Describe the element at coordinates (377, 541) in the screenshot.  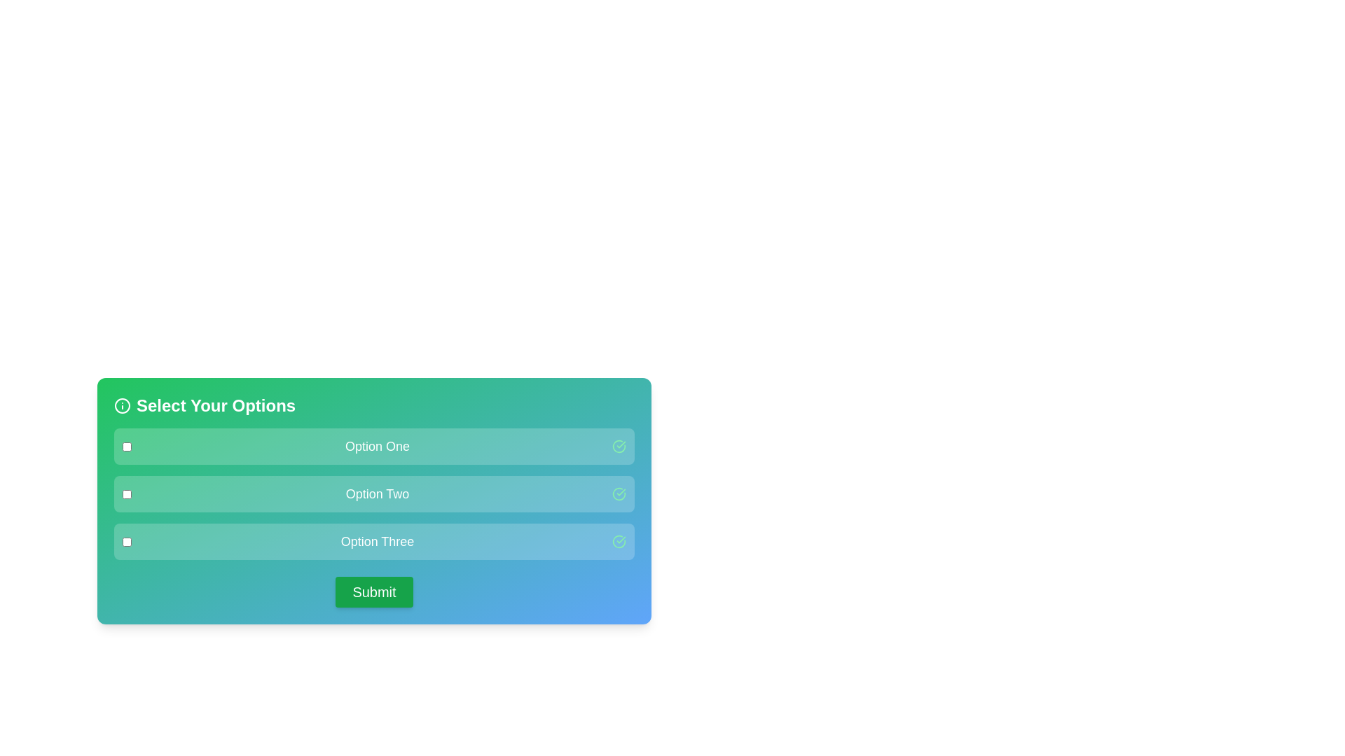
I see `the label of the option Option Three` at that location.